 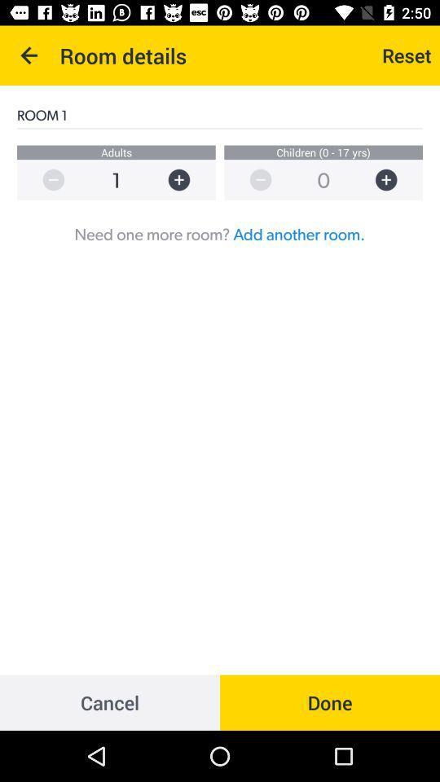 What do you see at coordinates (406, 55) in the screenshot?
I see `icon to the right of the room details icon` at bounding box center [406, 55].